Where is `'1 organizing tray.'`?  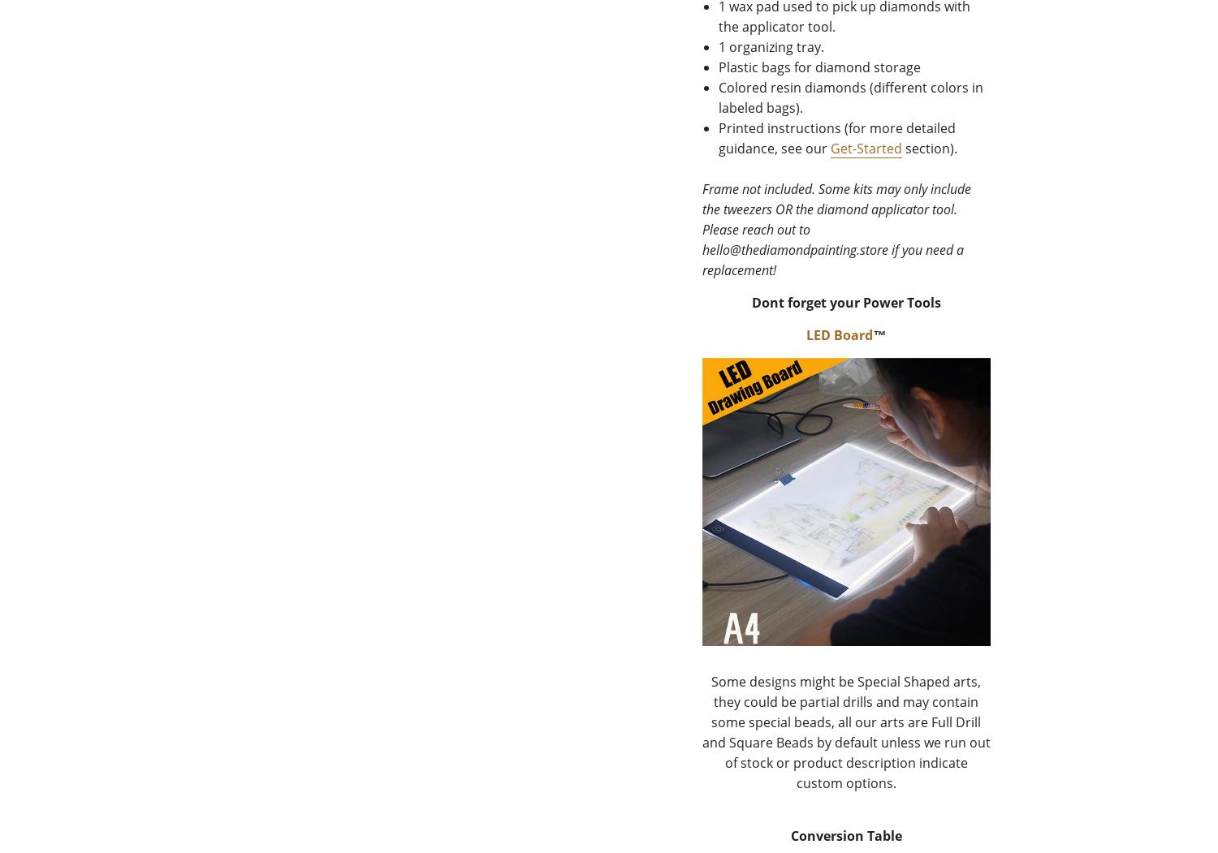
'1 organizing tray.' is located at coordinates (770, 46).